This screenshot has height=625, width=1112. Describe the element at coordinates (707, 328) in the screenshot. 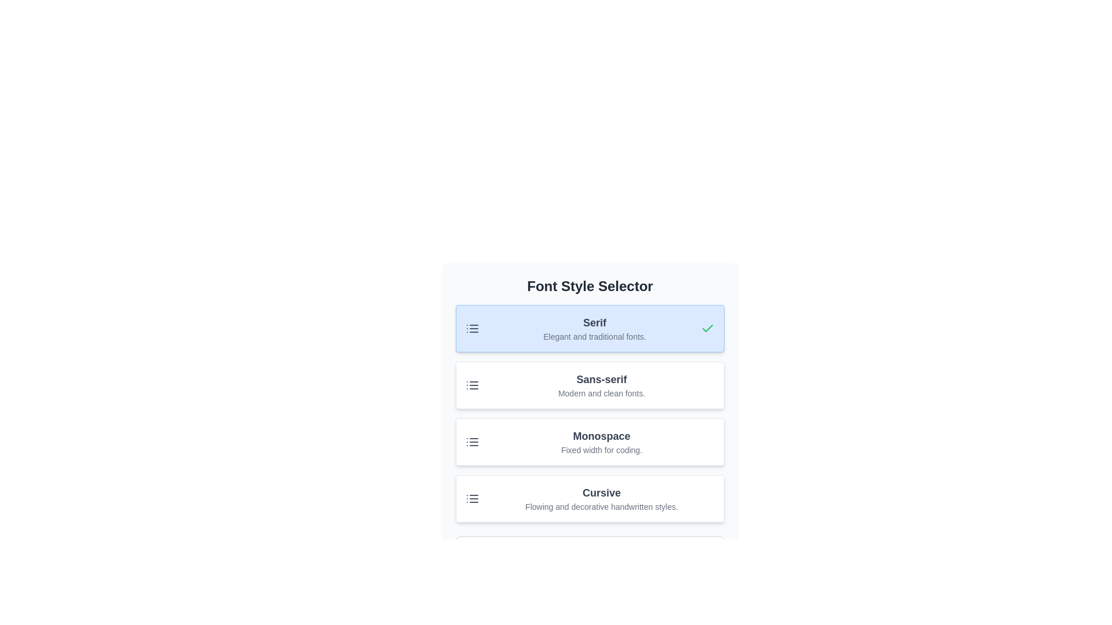

I see `the checkmark icon indicating the selection or confirmation of the 'Serif' font style option located in the top-right corner of the first option card labeled 'Serif'` at that location.